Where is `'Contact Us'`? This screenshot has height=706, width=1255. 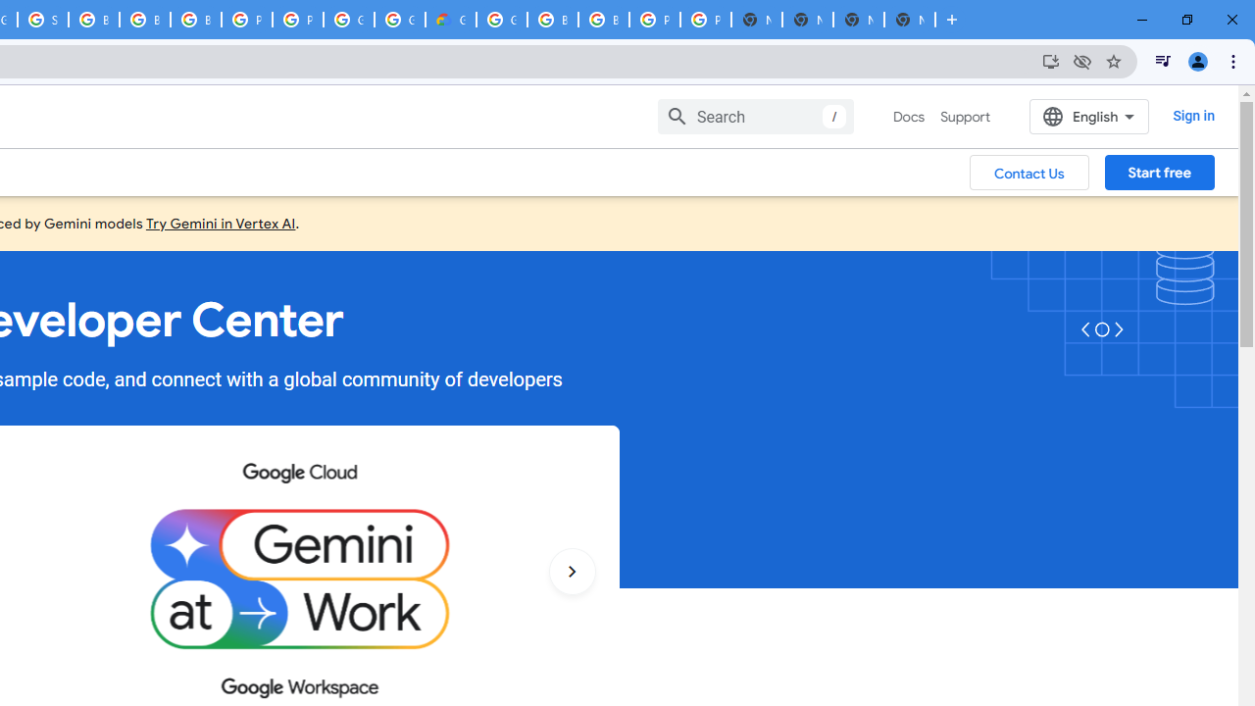
'Contact Us' is located at coordinates (1029, 171).